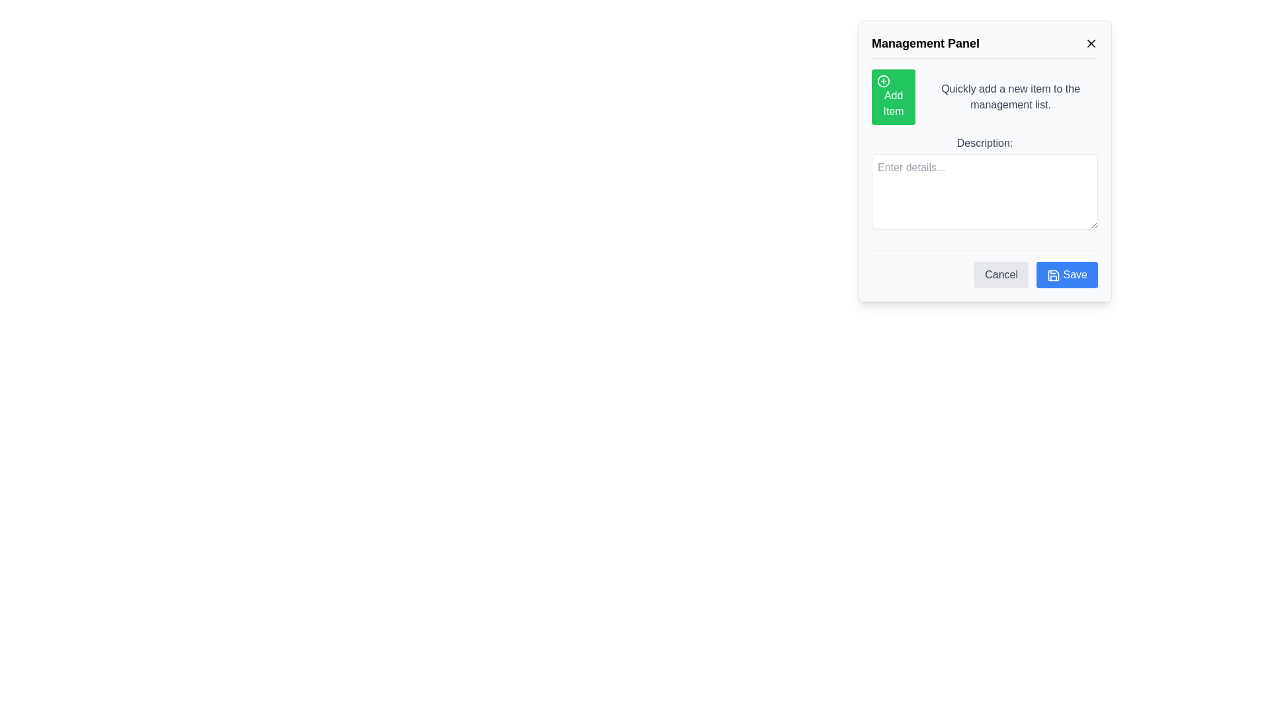 Image resolution: width=1270 pixels, height=714 pixels. I want to click on the 'Management Panel' text header, so click(905, 40).